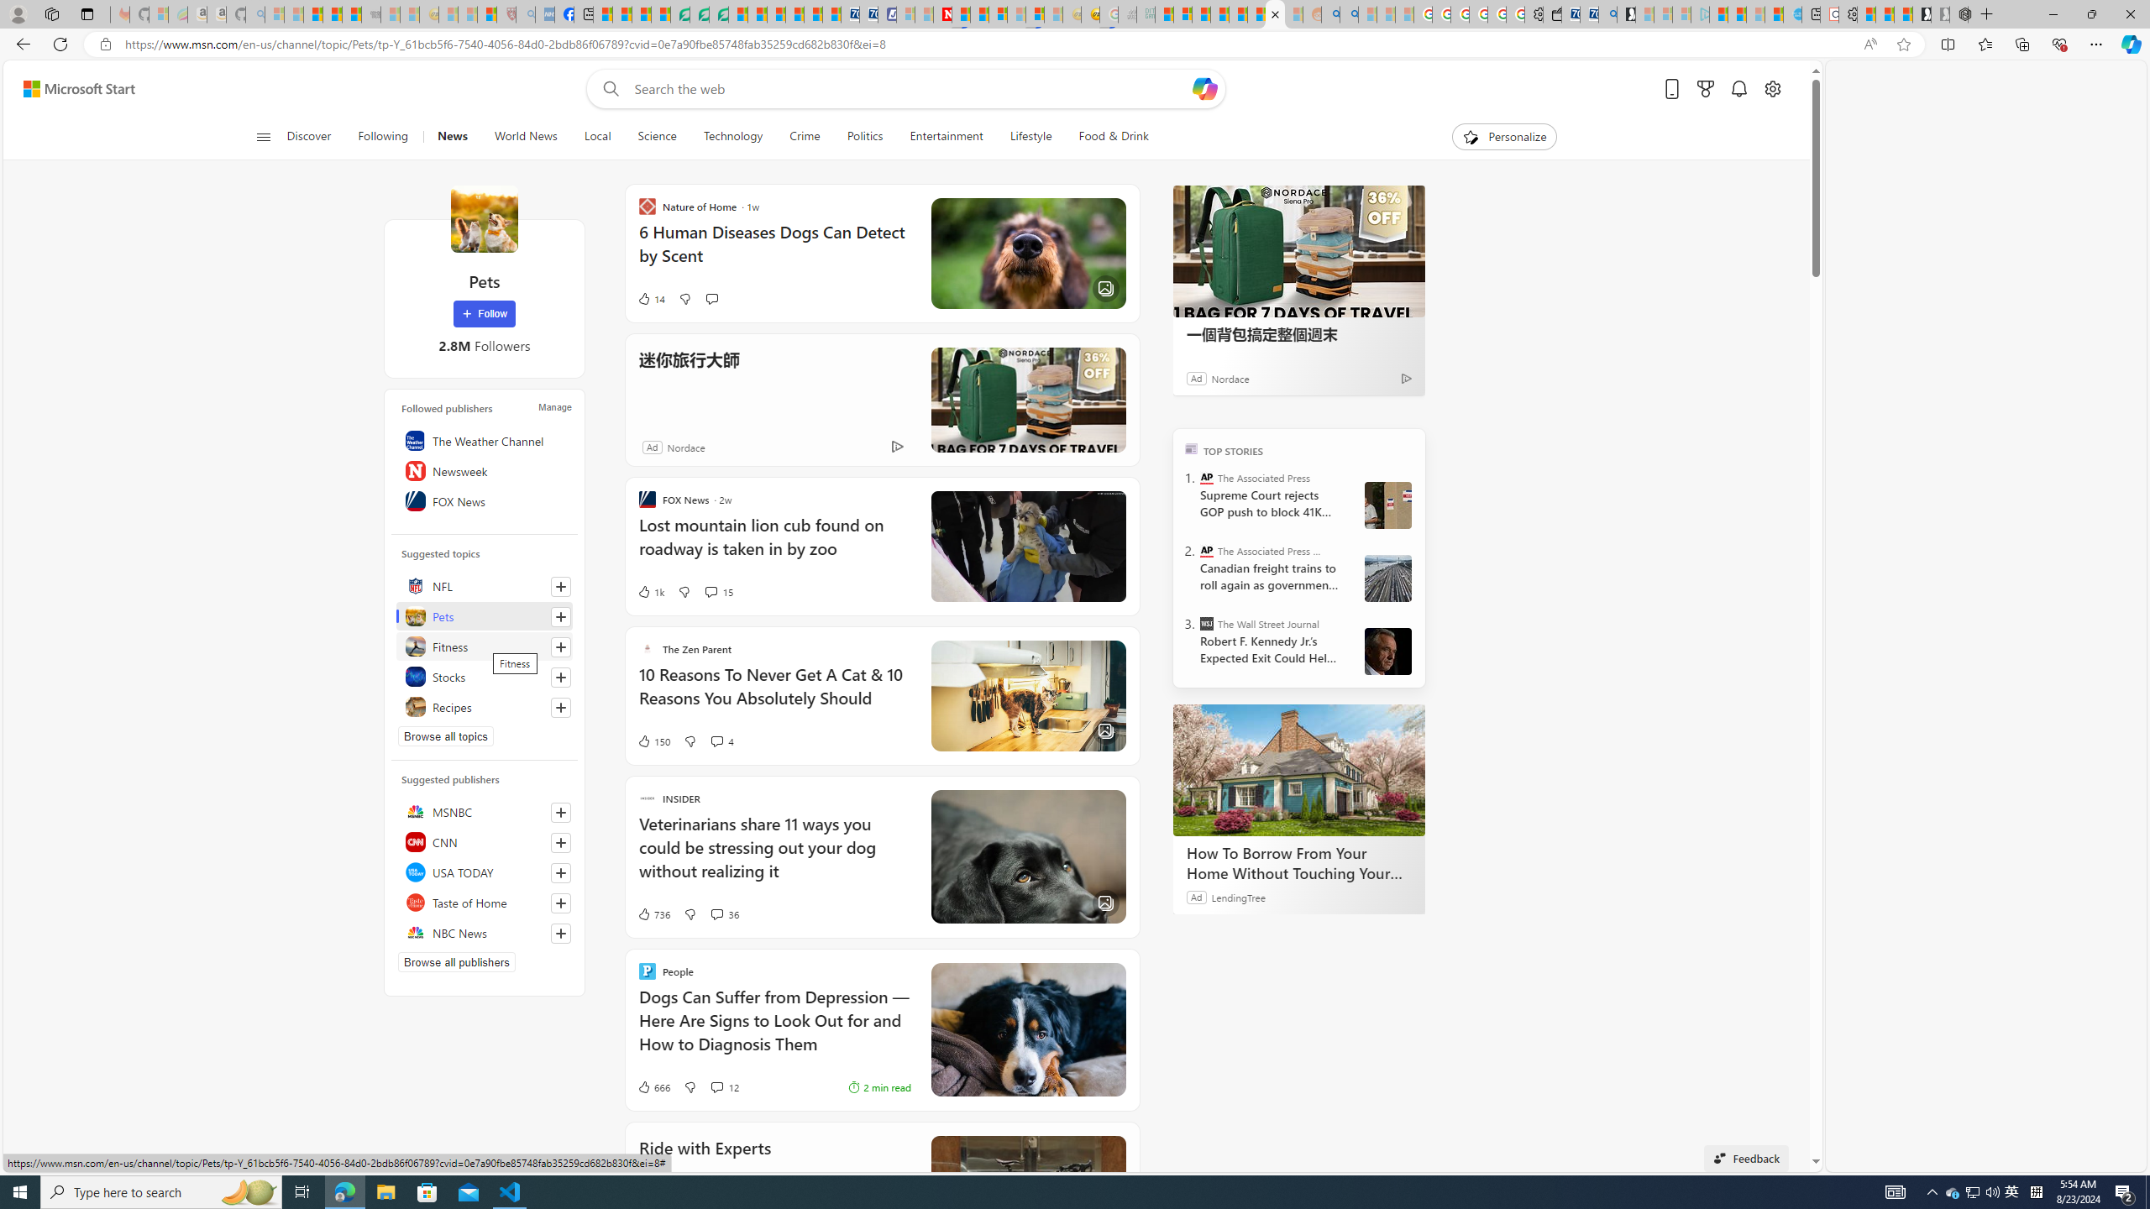 This screenshot has height=1209, width=2150. What do you see at coordinates (607, 89) in the screenshot?
I see `'Web search'` at bounding box center [607, 89].